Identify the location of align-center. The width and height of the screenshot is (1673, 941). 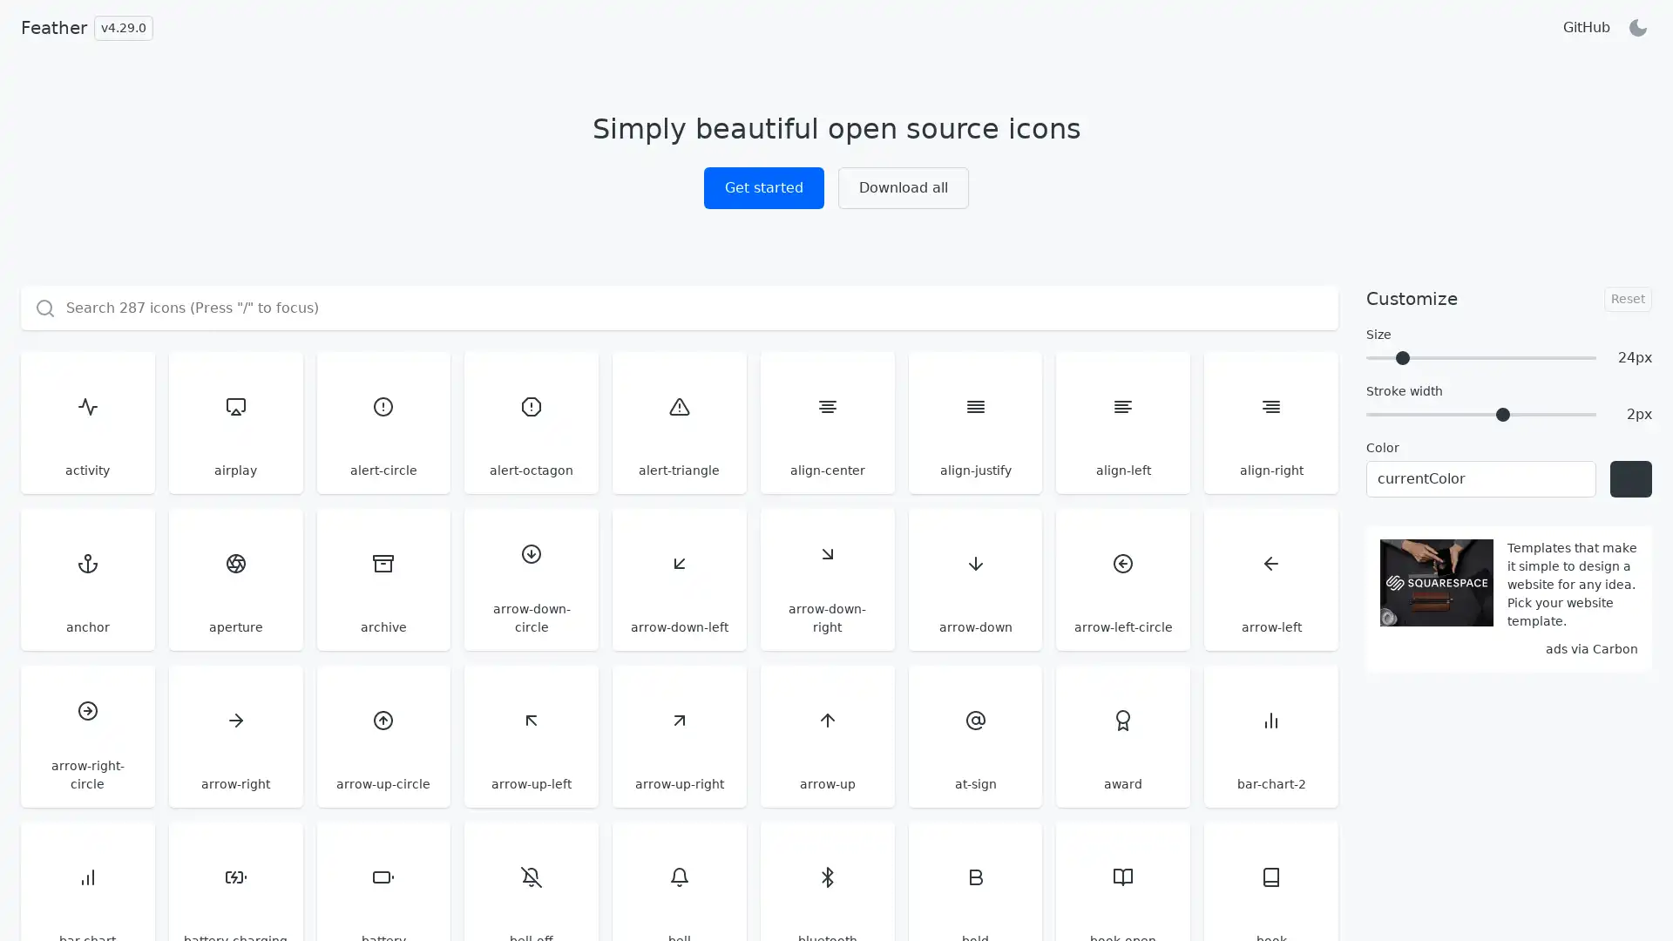
(826, 423).